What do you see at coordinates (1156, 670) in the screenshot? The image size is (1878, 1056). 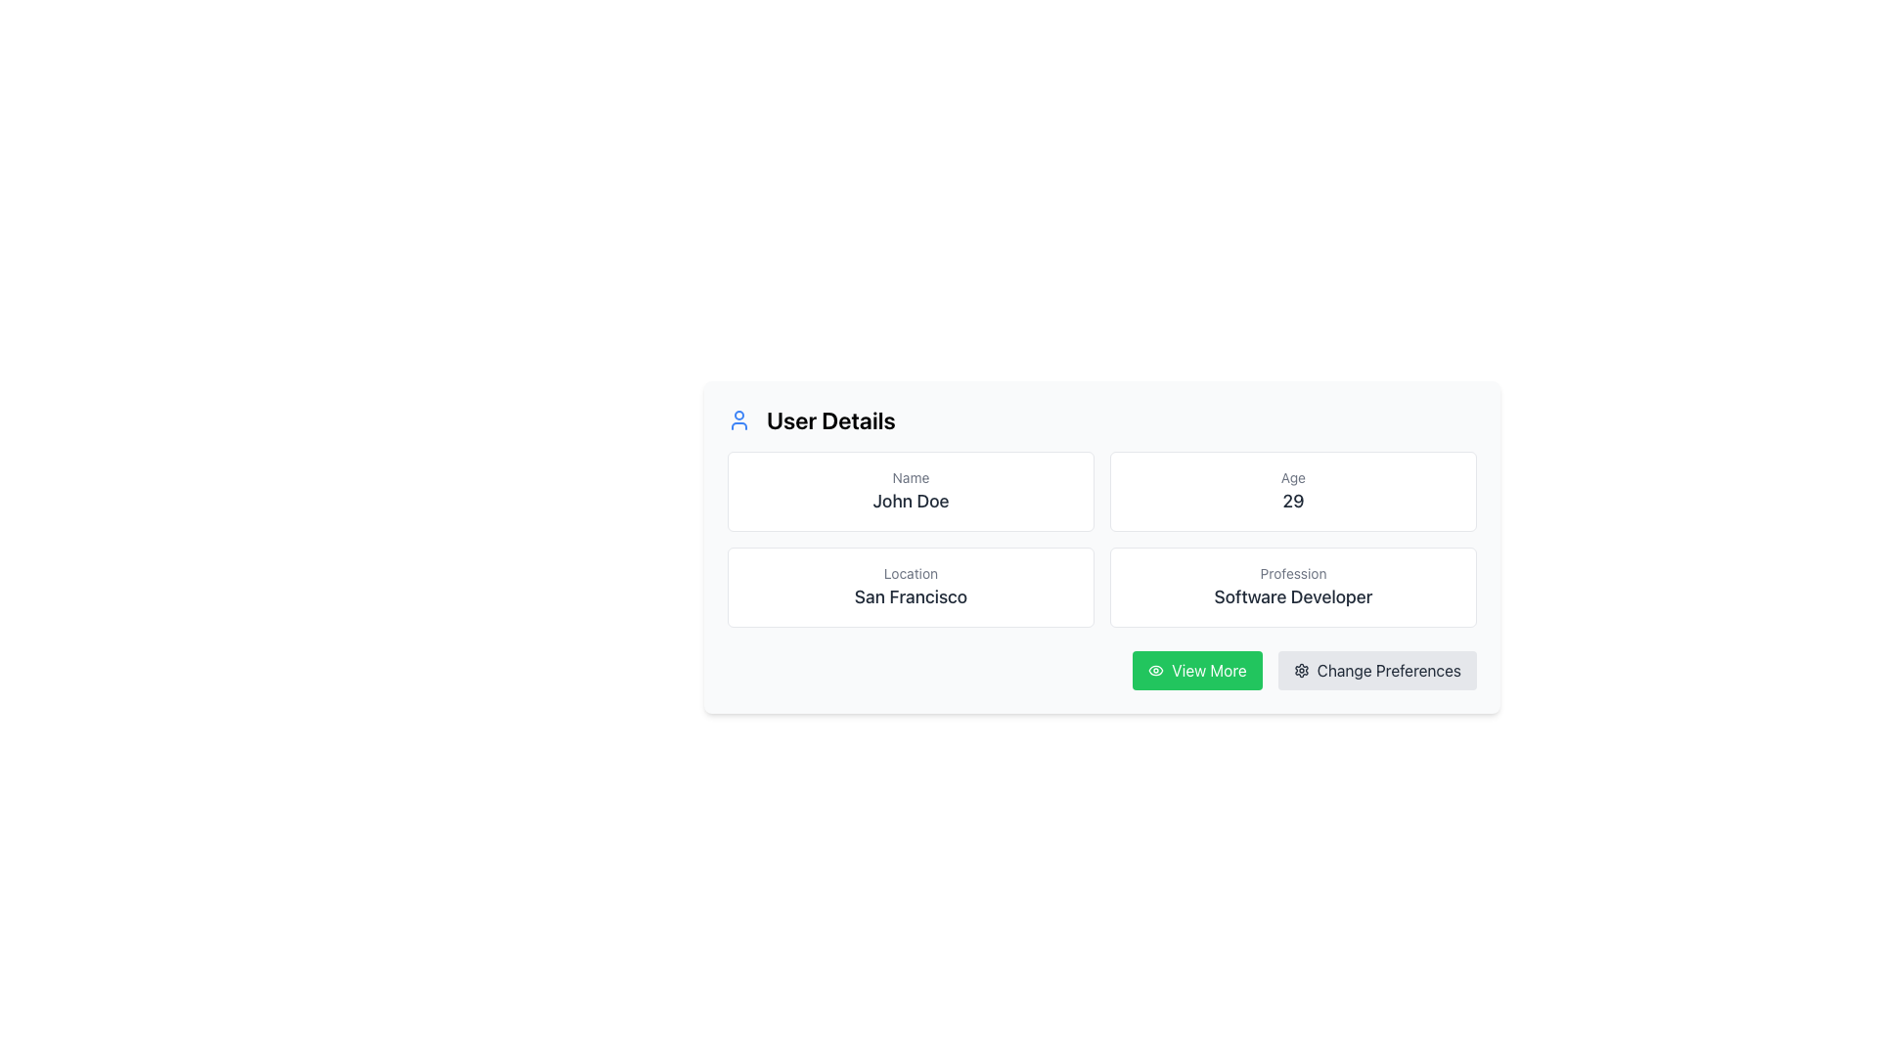 I see `the small green eye icon located to the left of the 'View More' button` at bounding box center [1156, 670].